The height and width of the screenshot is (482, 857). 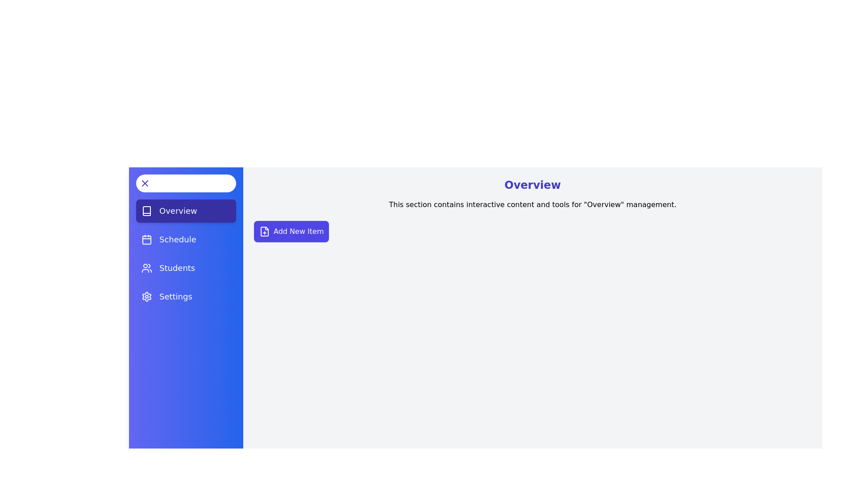 What do you see at coordinates (186, 183) in the screenshot?
I see `the menu button to toggle the drawer open/close state` at bounding box center [186, 183].